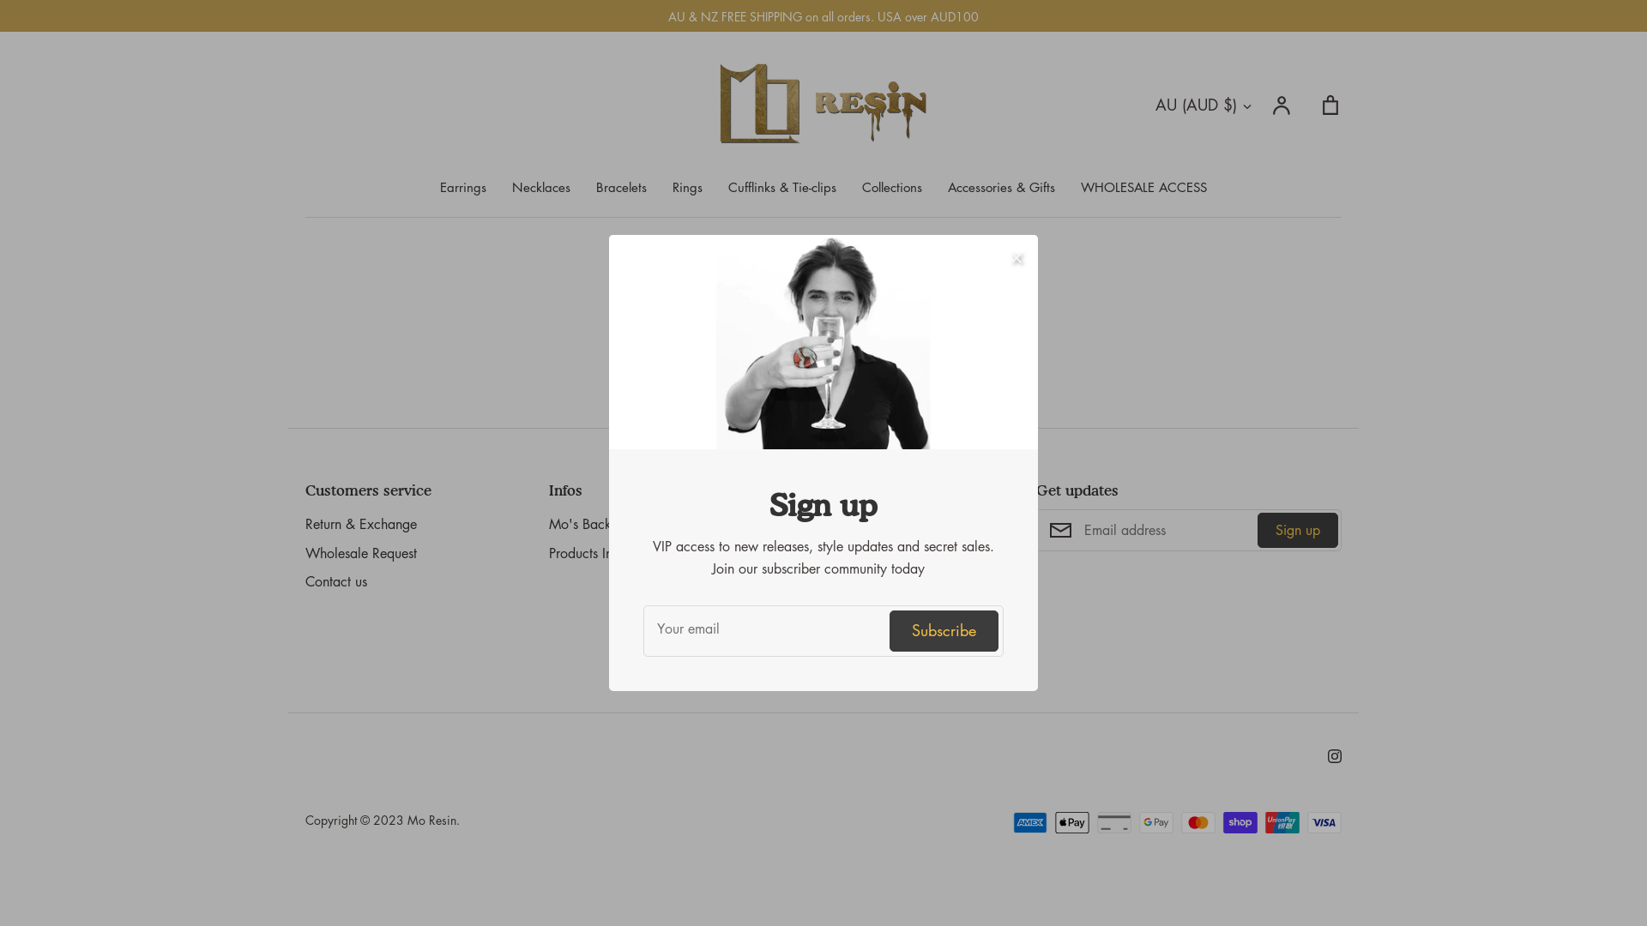 The width and height of the screenshot is (1647, 926). Describe the element at coordinates (1079, 187) in the screenshot. I see `'WHOLESALE ACCESS'` at that location.